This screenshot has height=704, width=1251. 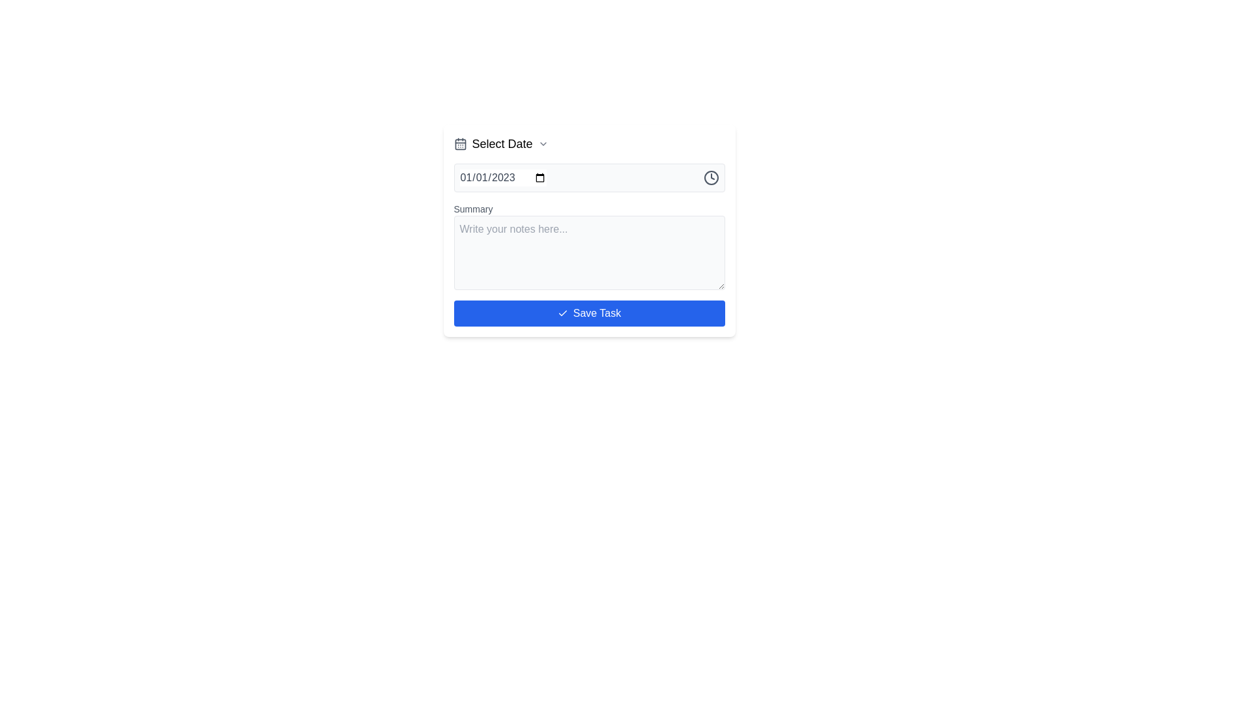 What do you see at coordinates (543, 143) in the screenshot?
I see `the downward-pointing gray chevron icon located to the right of the 'Select Date' text in the header of the card` at bounding box center [543, 143].